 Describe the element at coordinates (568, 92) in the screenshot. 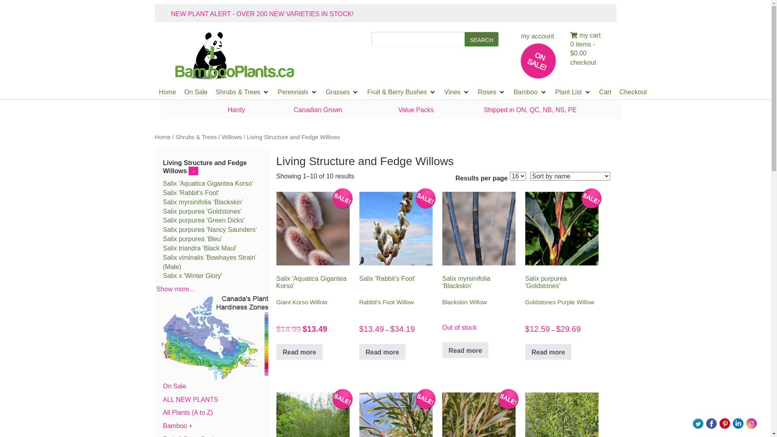

I see `'Plant List'` at that location.